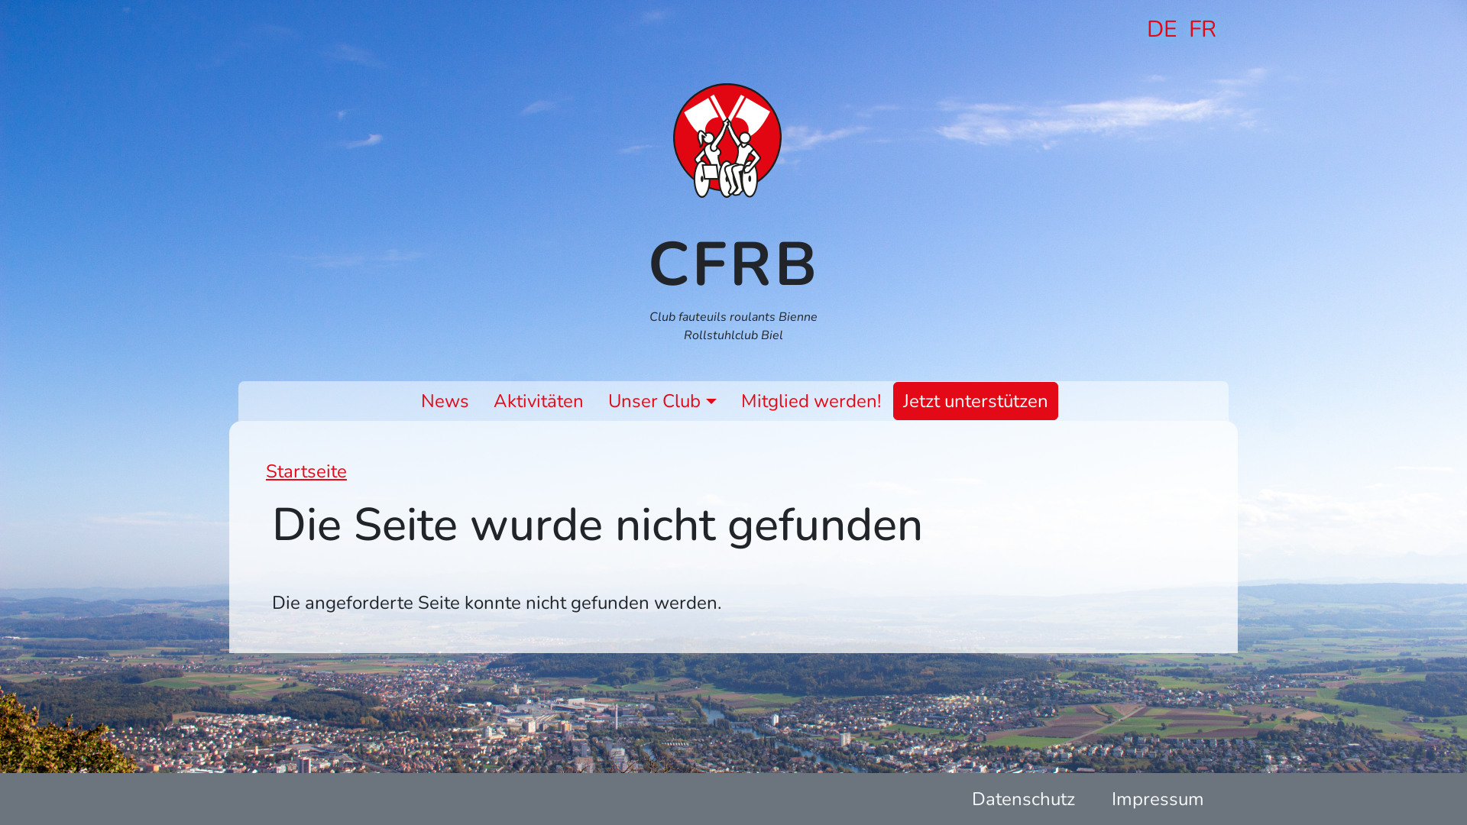  What do you see at coordinates (733, 264) in the screenshot?
I see `'CFRB'` at bounding box center [733, 264].